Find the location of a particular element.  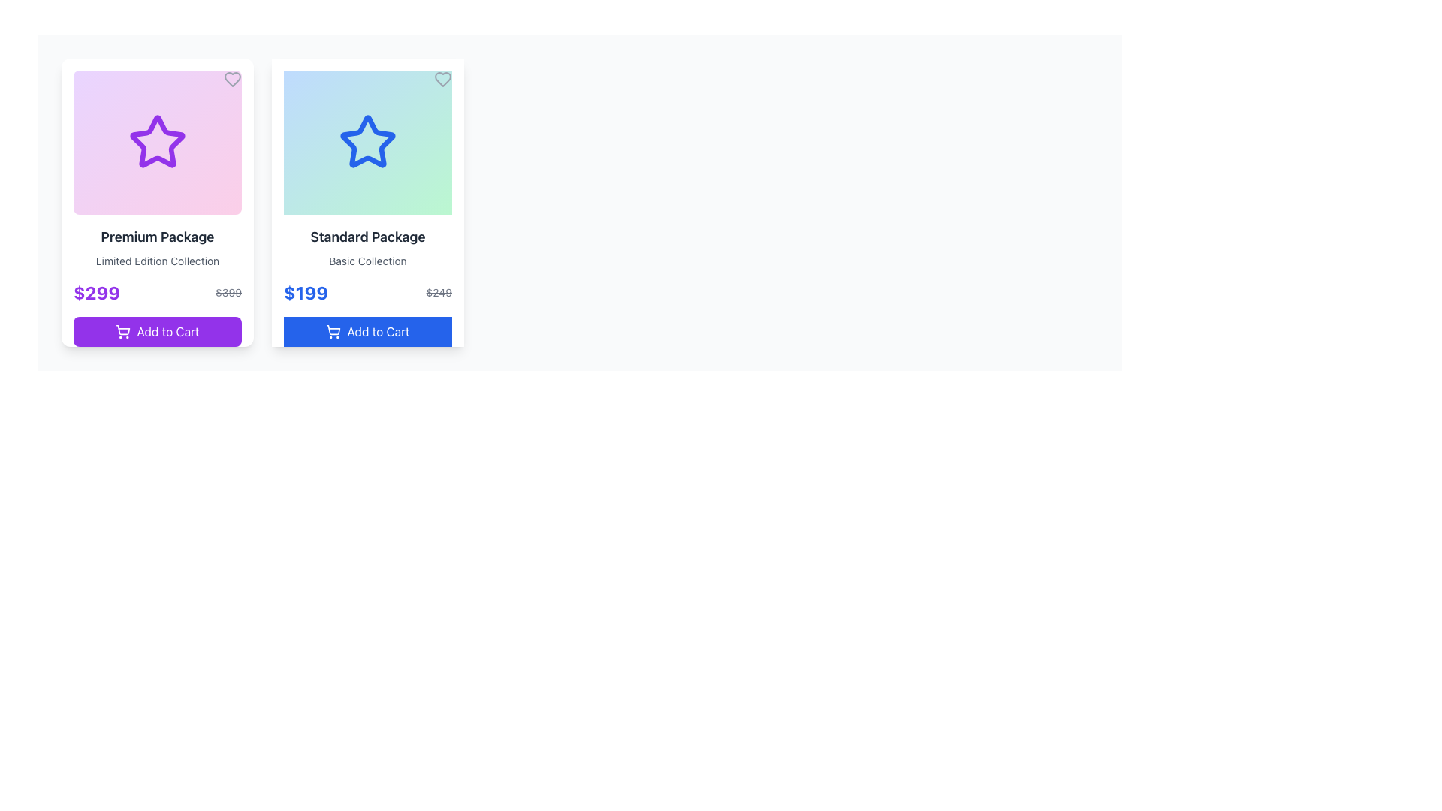

the primary pricing indicator for the 'Standard Package', located above the 'Add to Cart' button and to the left of the strikethrough price '$249' is located at coordinates (305, 292).